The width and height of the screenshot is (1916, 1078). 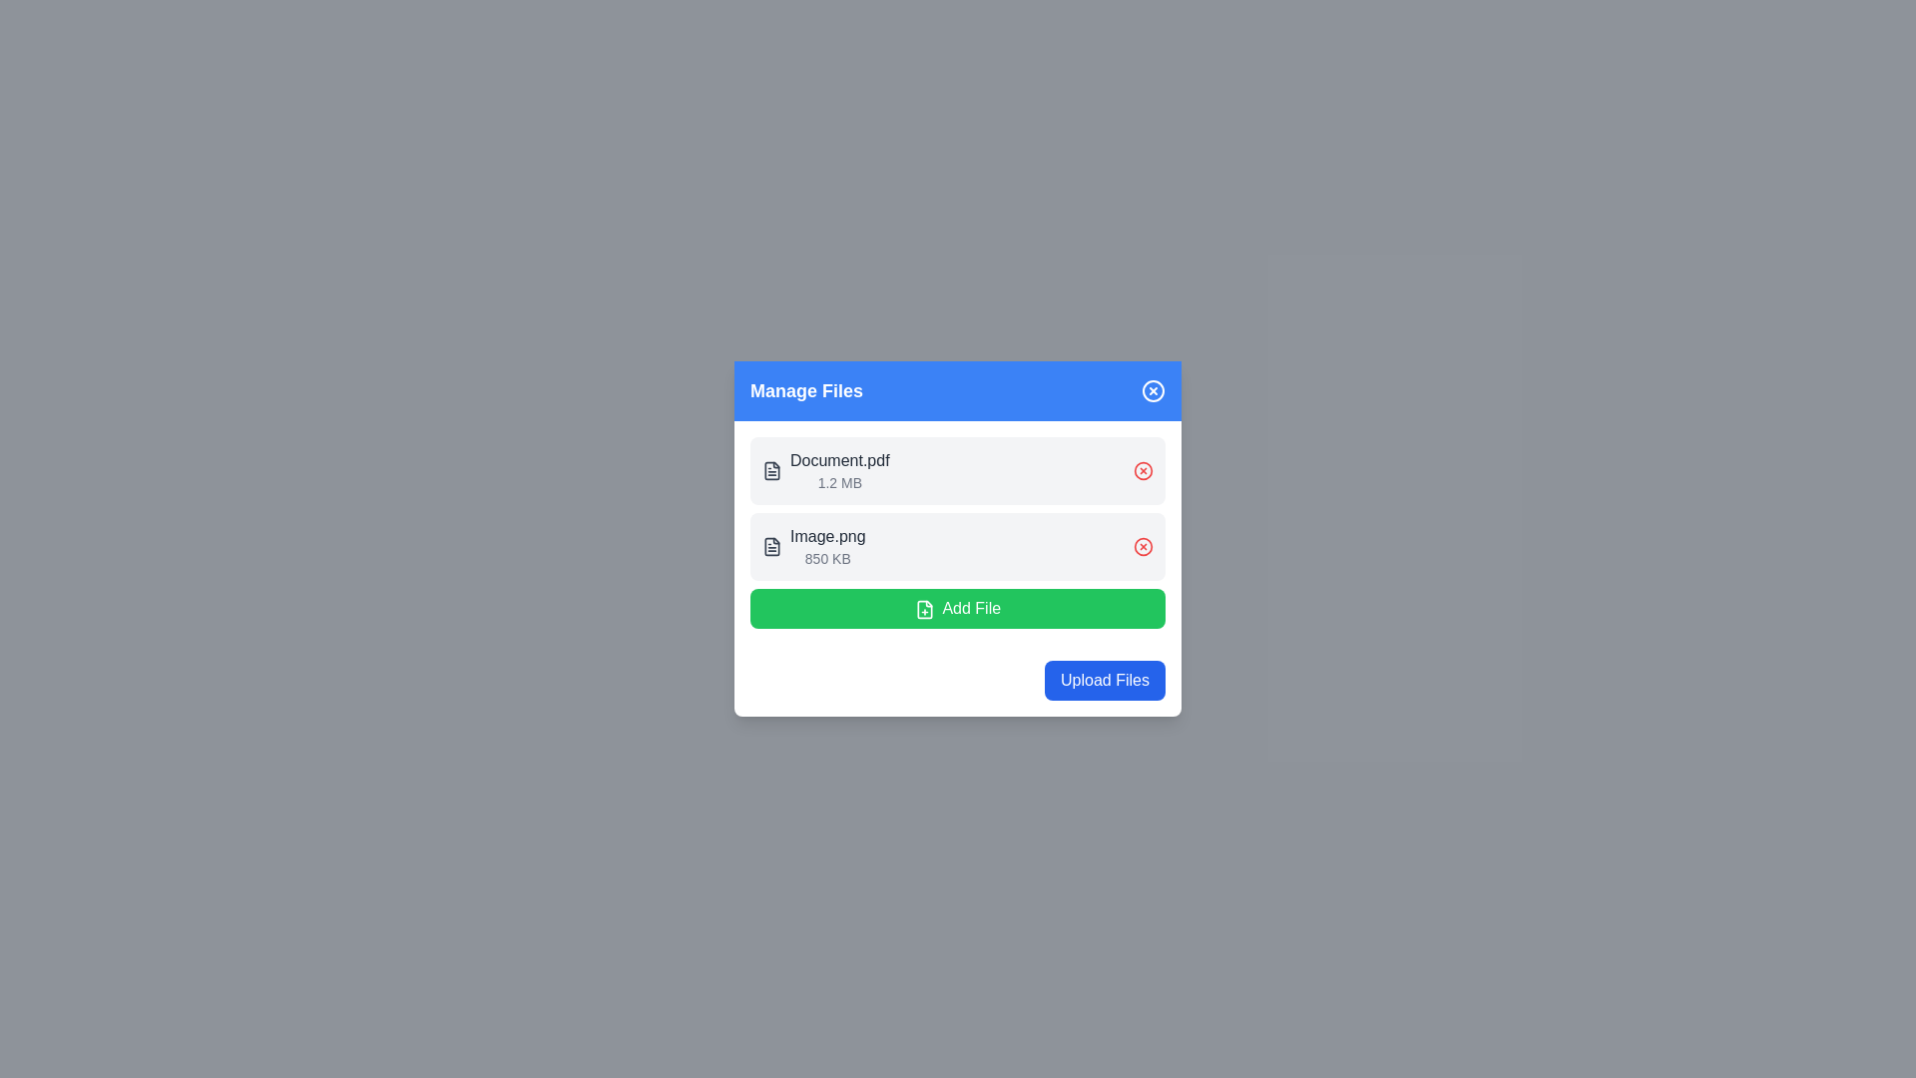 I want to click on the label displaying 'Document.pdf' with its file size '1.2 MB', which is positioned within the first entry of a list under 'Manage Files', to the right of the file icon, so click(x=825, y=470).